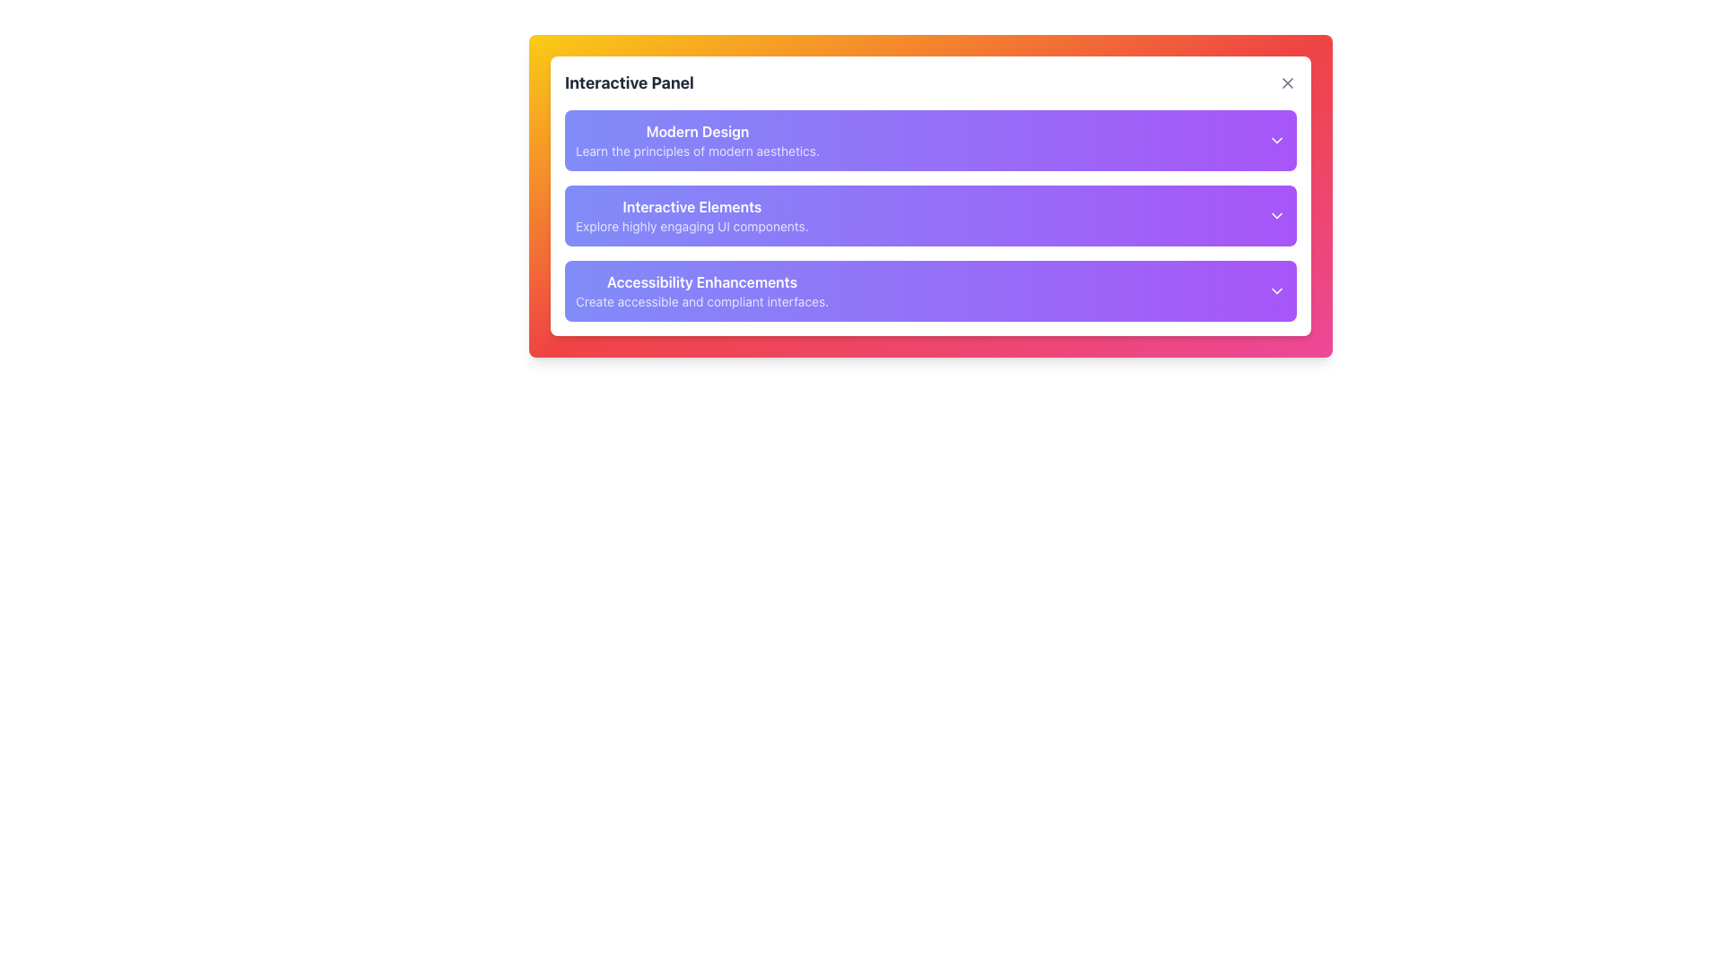 This screenshot has height=968, width=1722. What do you see at coordinates (1286, 82) in the screenshot?
I see `the close button with an 'X' symbol in gray located in the top-right corner of the 'Interactive Panel' header to change its color to red` at bounding box center [1286, 82].